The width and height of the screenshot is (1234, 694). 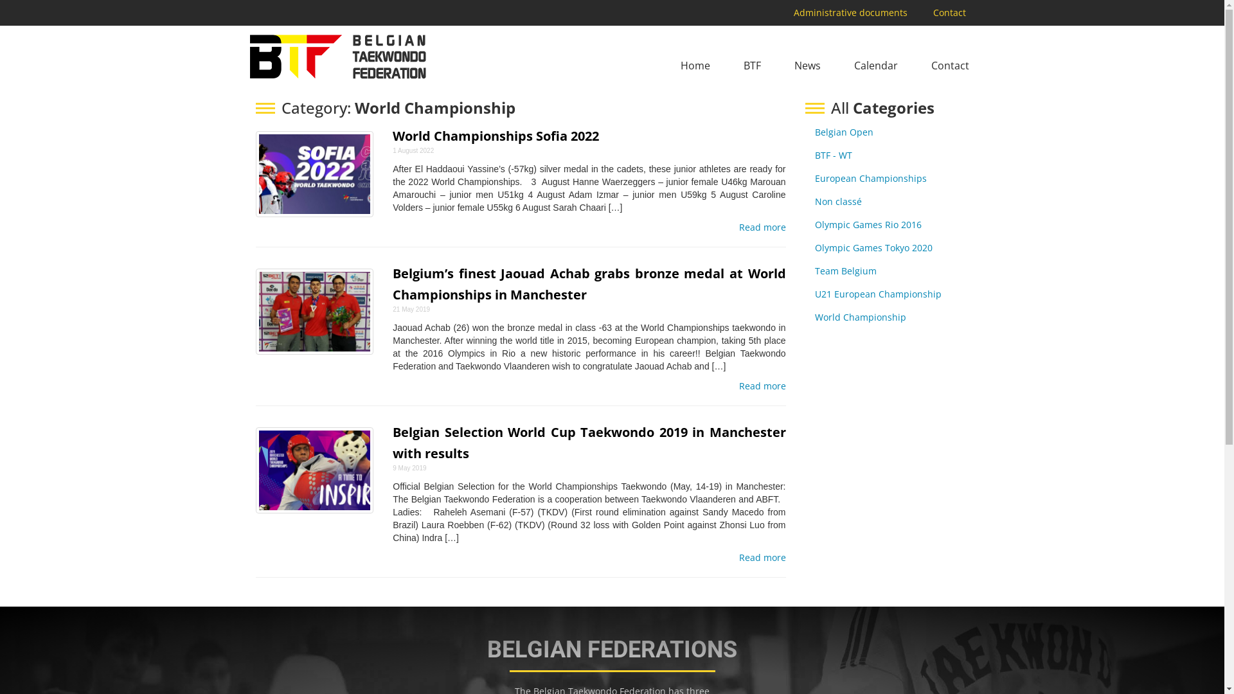 I want to click on 'Contact', so click(x=950, y=66).